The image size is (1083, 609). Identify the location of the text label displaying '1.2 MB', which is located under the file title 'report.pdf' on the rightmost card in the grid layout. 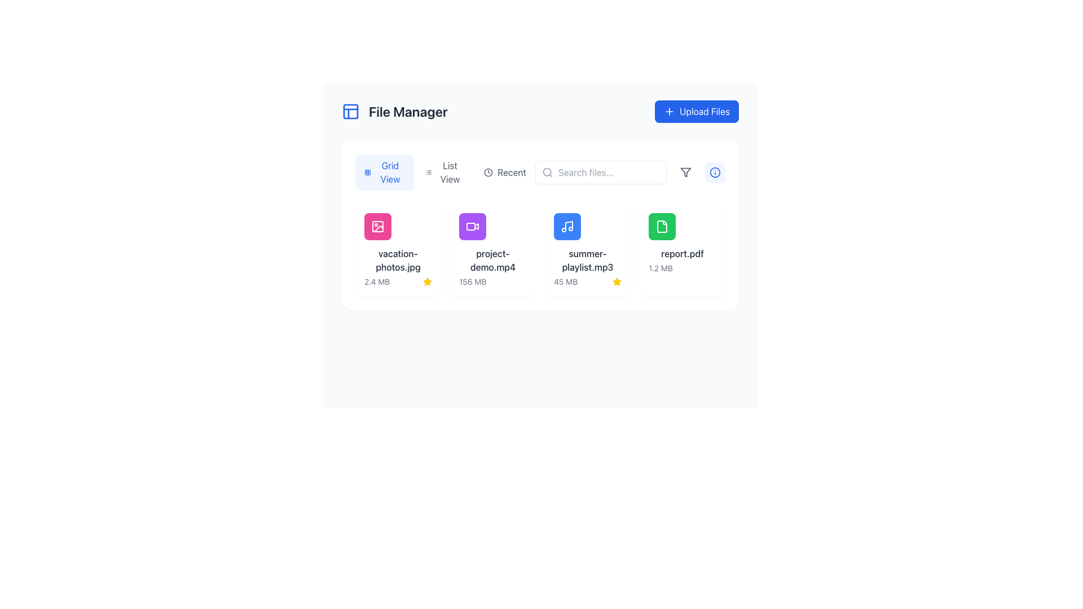
(661, 268).